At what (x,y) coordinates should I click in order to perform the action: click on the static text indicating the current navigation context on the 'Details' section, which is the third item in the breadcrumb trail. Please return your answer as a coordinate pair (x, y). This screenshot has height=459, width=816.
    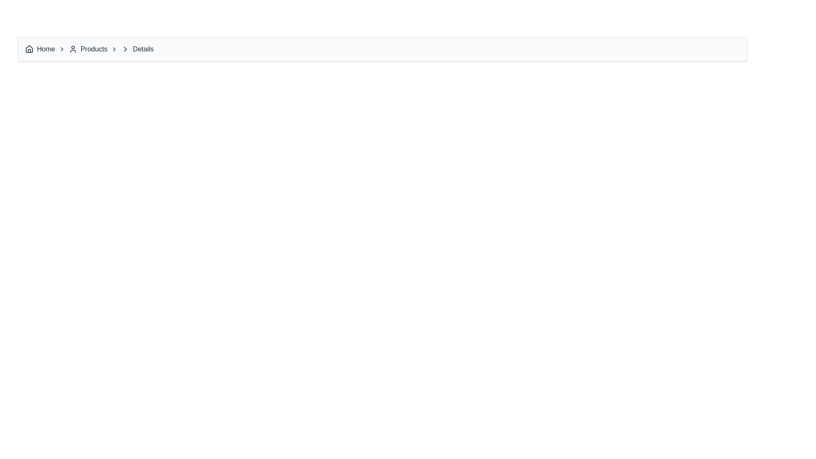
    Looking at the image, I should click on (137, 49).